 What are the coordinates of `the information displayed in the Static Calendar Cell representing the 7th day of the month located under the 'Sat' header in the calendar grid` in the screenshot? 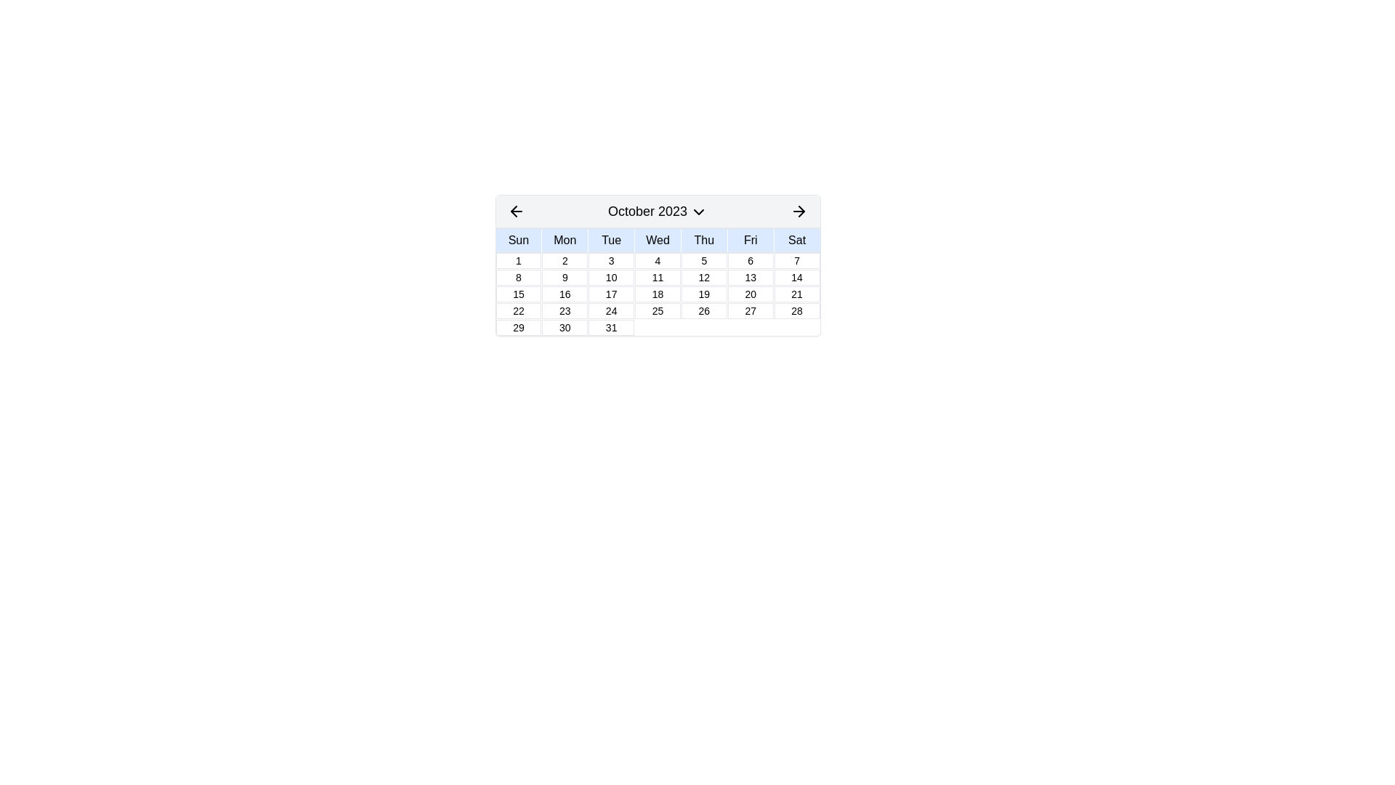 It's located at (796, 259).